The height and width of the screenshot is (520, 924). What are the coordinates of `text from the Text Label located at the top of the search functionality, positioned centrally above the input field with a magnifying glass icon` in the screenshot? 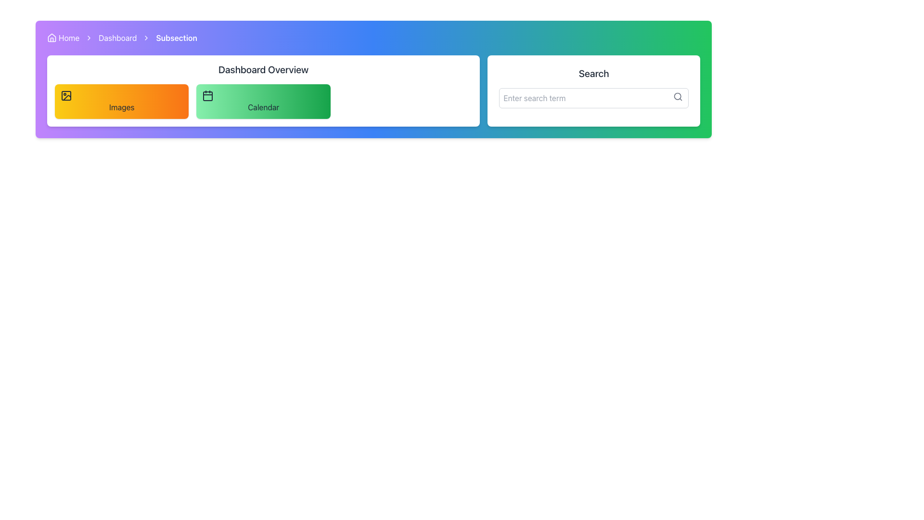 It's located at (593, 73).